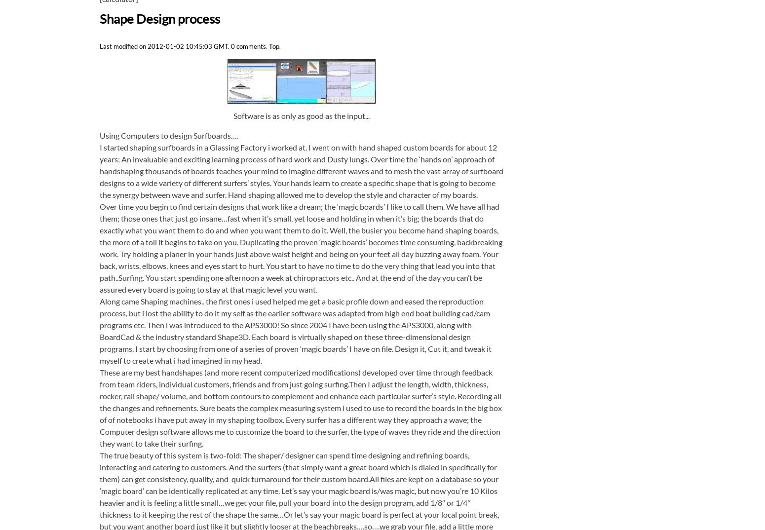  I want to click on 'Shape Design process', so click(99, 18).